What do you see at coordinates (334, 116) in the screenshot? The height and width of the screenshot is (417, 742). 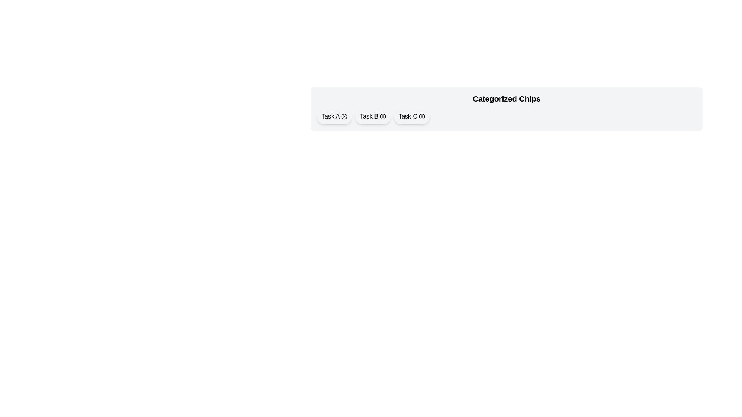 I see `the chip labeled Task A to observe its hover effect` at bounding box center [334, 116].